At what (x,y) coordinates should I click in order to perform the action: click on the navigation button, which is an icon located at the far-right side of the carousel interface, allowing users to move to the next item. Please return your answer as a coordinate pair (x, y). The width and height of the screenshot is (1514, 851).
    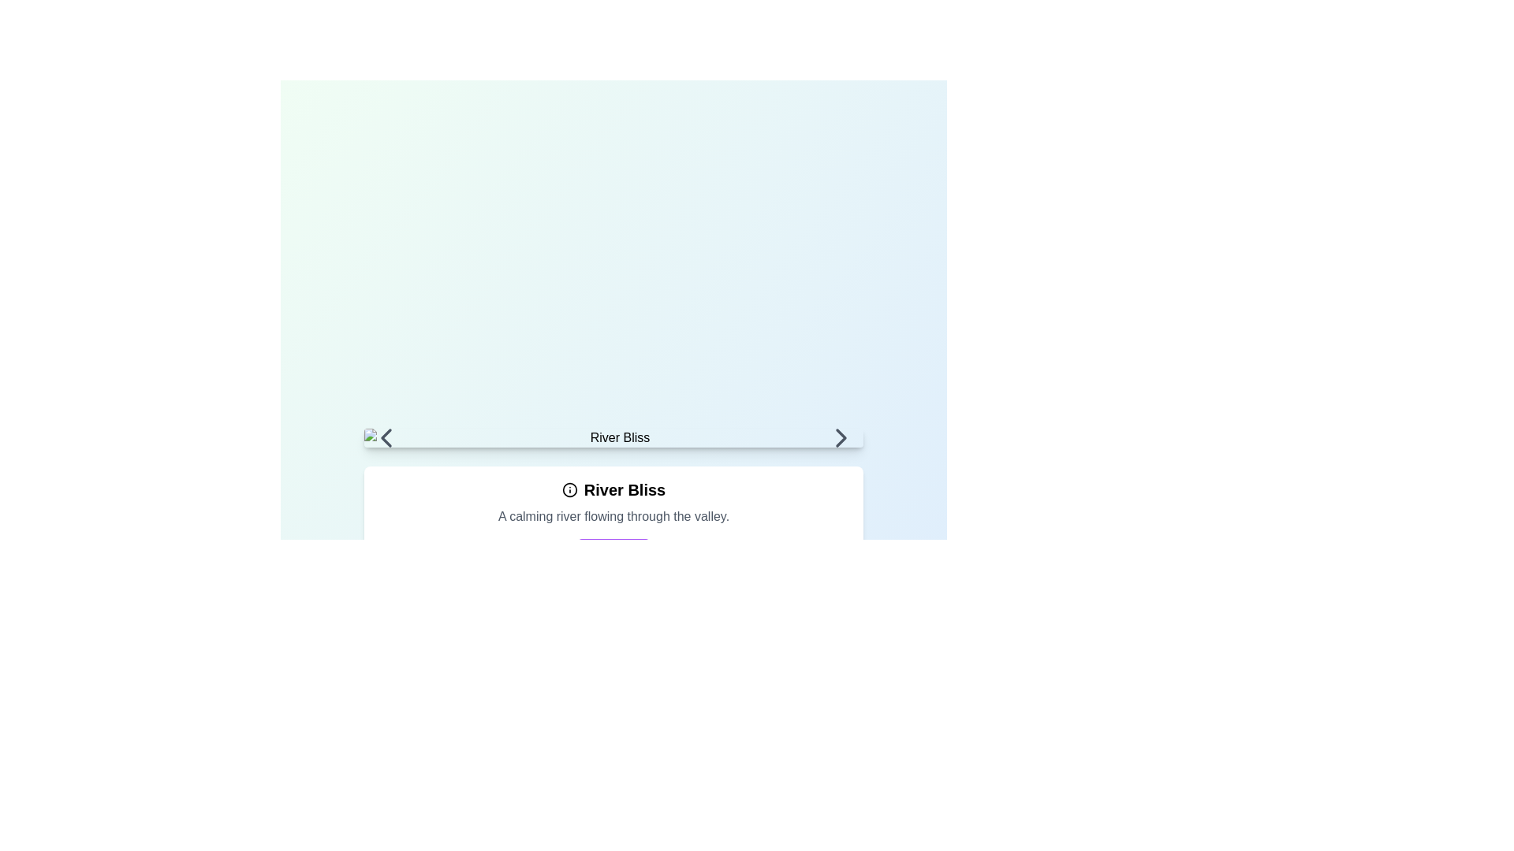
    Looking at the image, I should click on (841, 437).